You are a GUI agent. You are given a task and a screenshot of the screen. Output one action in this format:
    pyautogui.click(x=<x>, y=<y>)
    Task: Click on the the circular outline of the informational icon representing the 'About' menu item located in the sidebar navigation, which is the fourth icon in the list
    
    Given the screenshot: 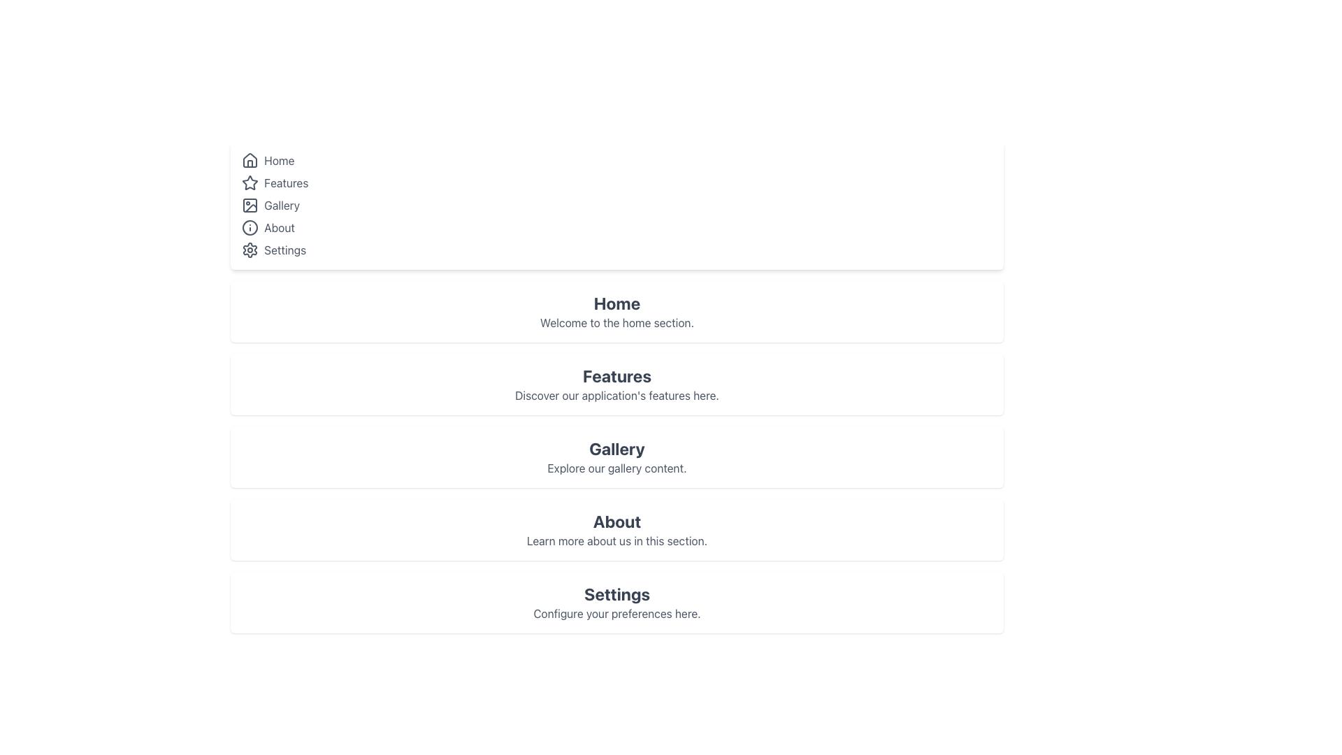 What is the action you would take?
    pyautogui.click(x=250, y=227)
    